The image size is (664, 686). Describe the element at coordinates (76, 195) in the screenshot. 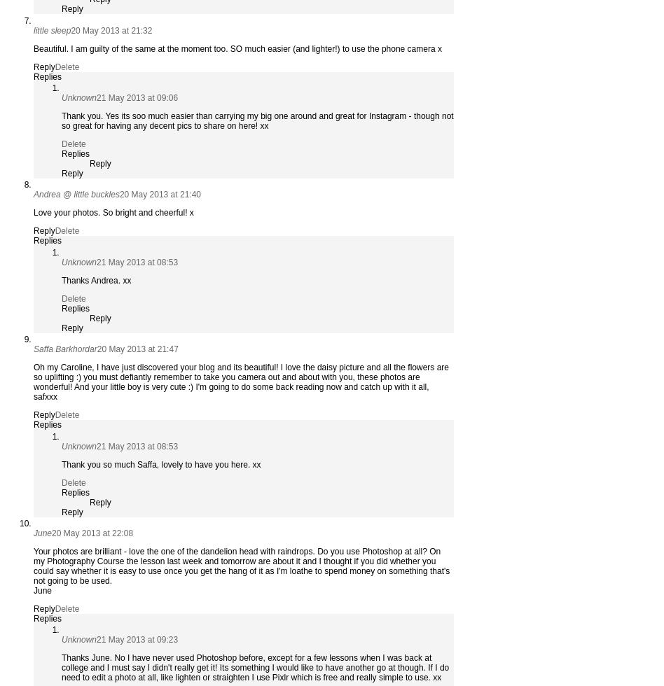

I see `'Andrea @ little buckles'` at that location.